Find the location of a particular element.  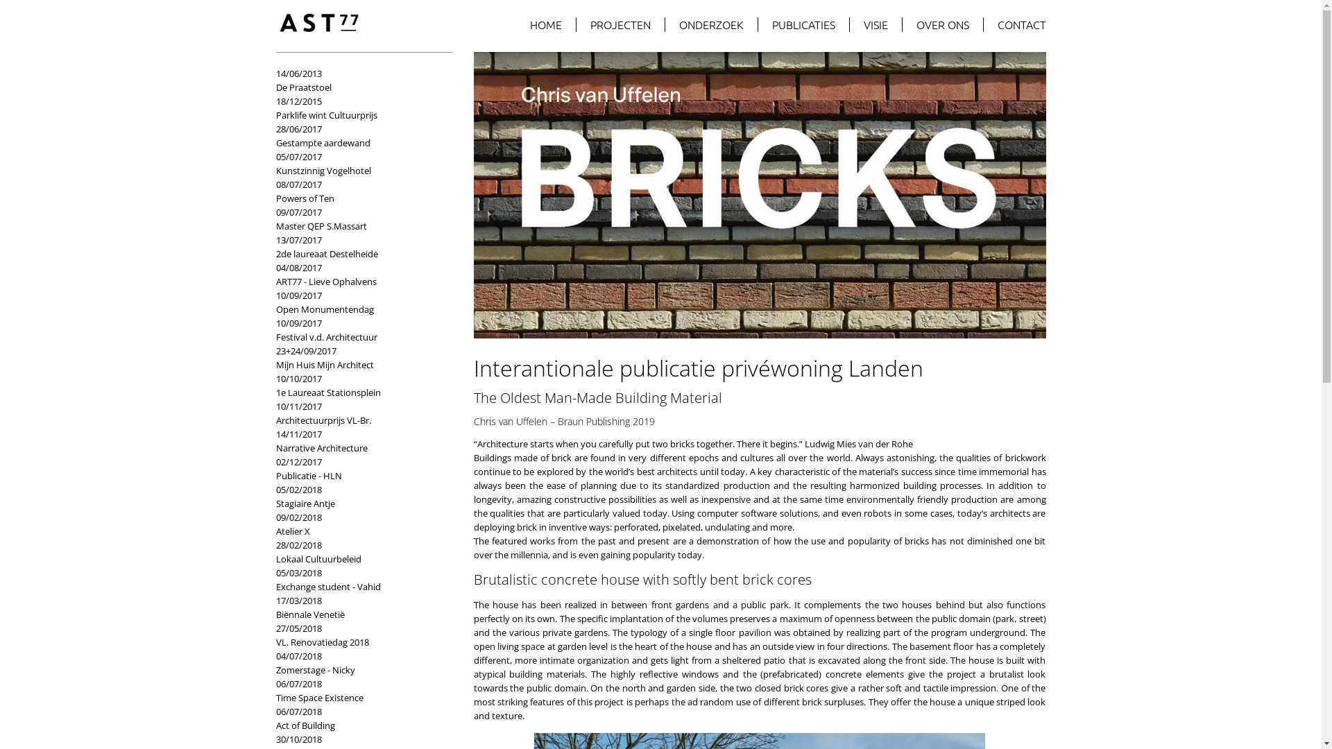

'HOME' is located at coordinates (545, 24).